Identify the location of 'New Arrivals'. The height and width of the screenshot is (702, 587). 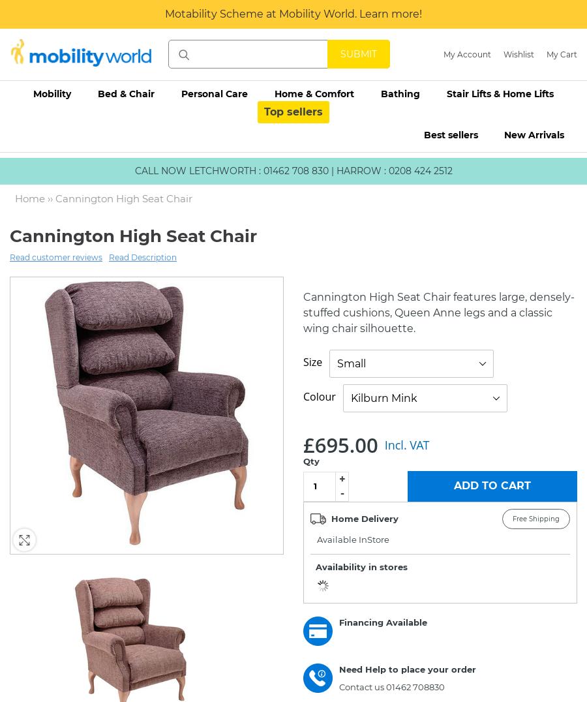
(534, 133).